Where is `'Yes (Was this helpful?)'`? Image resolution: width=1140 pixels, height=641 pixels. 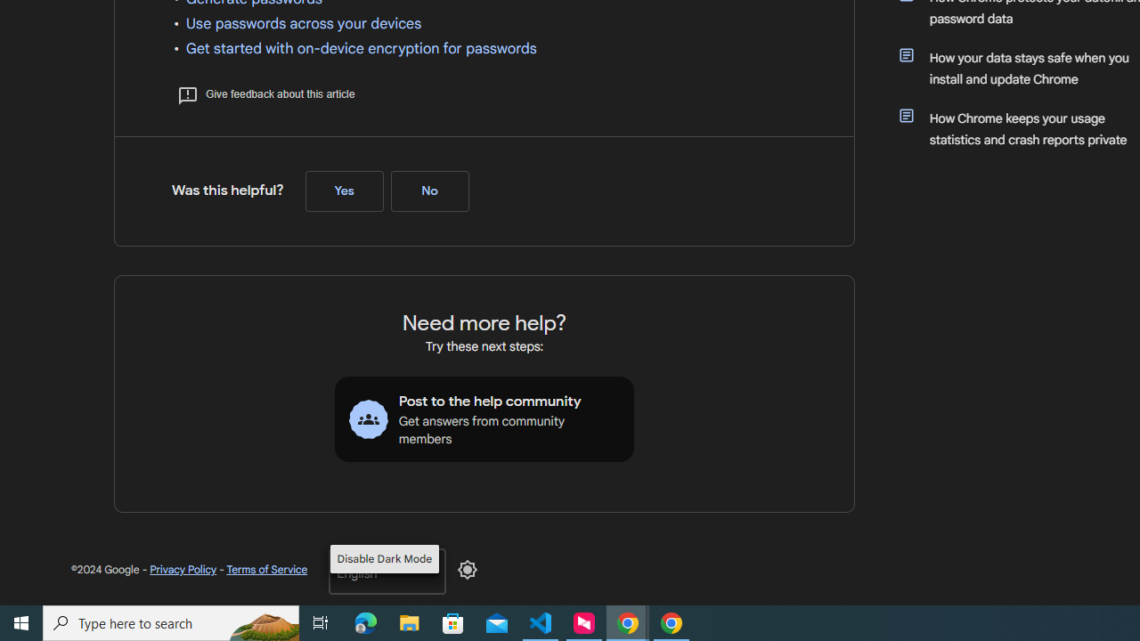
'Yes (Was this helpful?)' is located at coordinates (344, 191).